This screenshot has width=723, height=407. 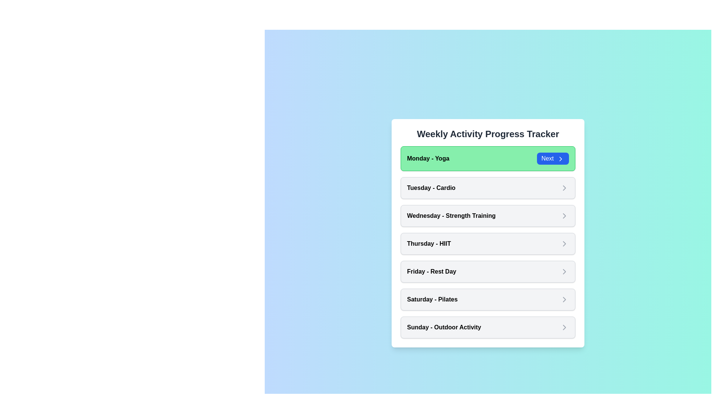 What do you see at coordinates (564, 187) in the screenshot?
I see `the chevron icon indicating navigation or progression located in the far-right position of the 'Monday - Yoga' item row` at bounding box center [564, 187].